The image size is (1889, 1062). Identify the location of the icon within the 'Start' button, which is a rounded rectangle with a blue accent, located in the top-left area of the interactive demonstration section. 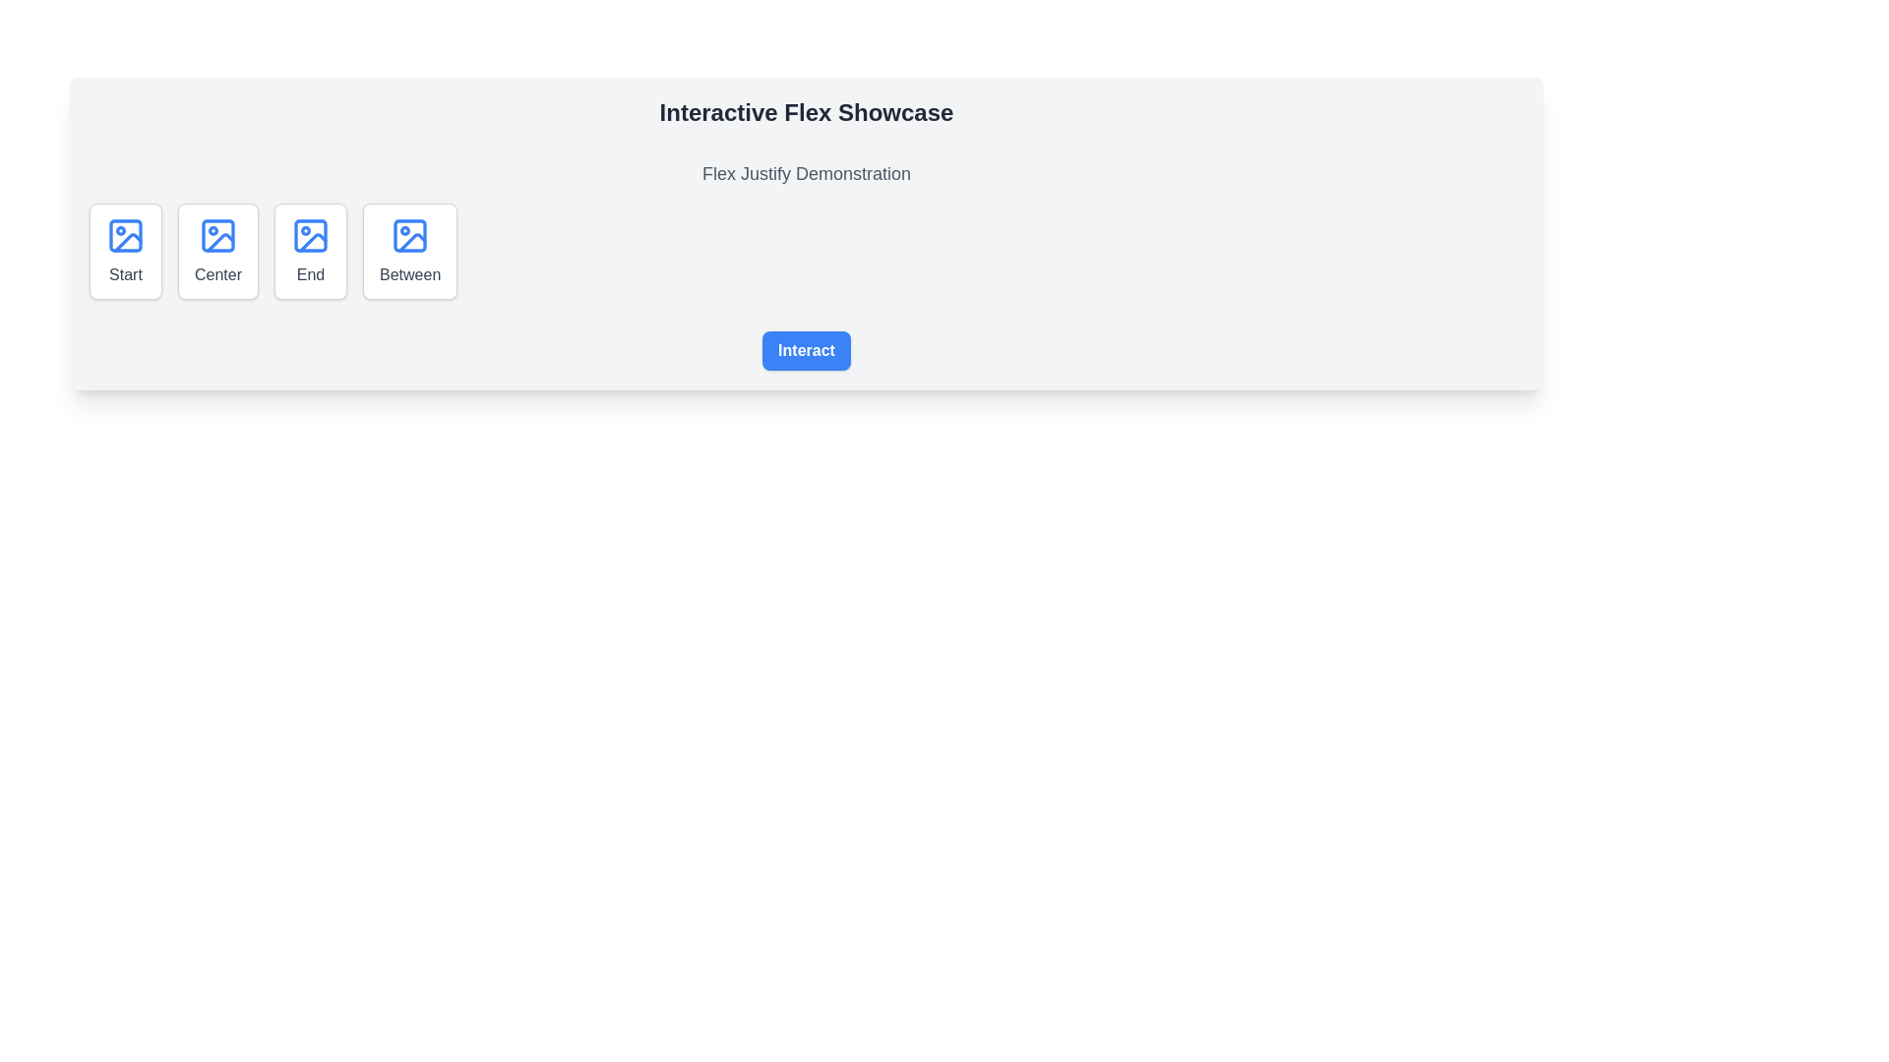
(125, 234).